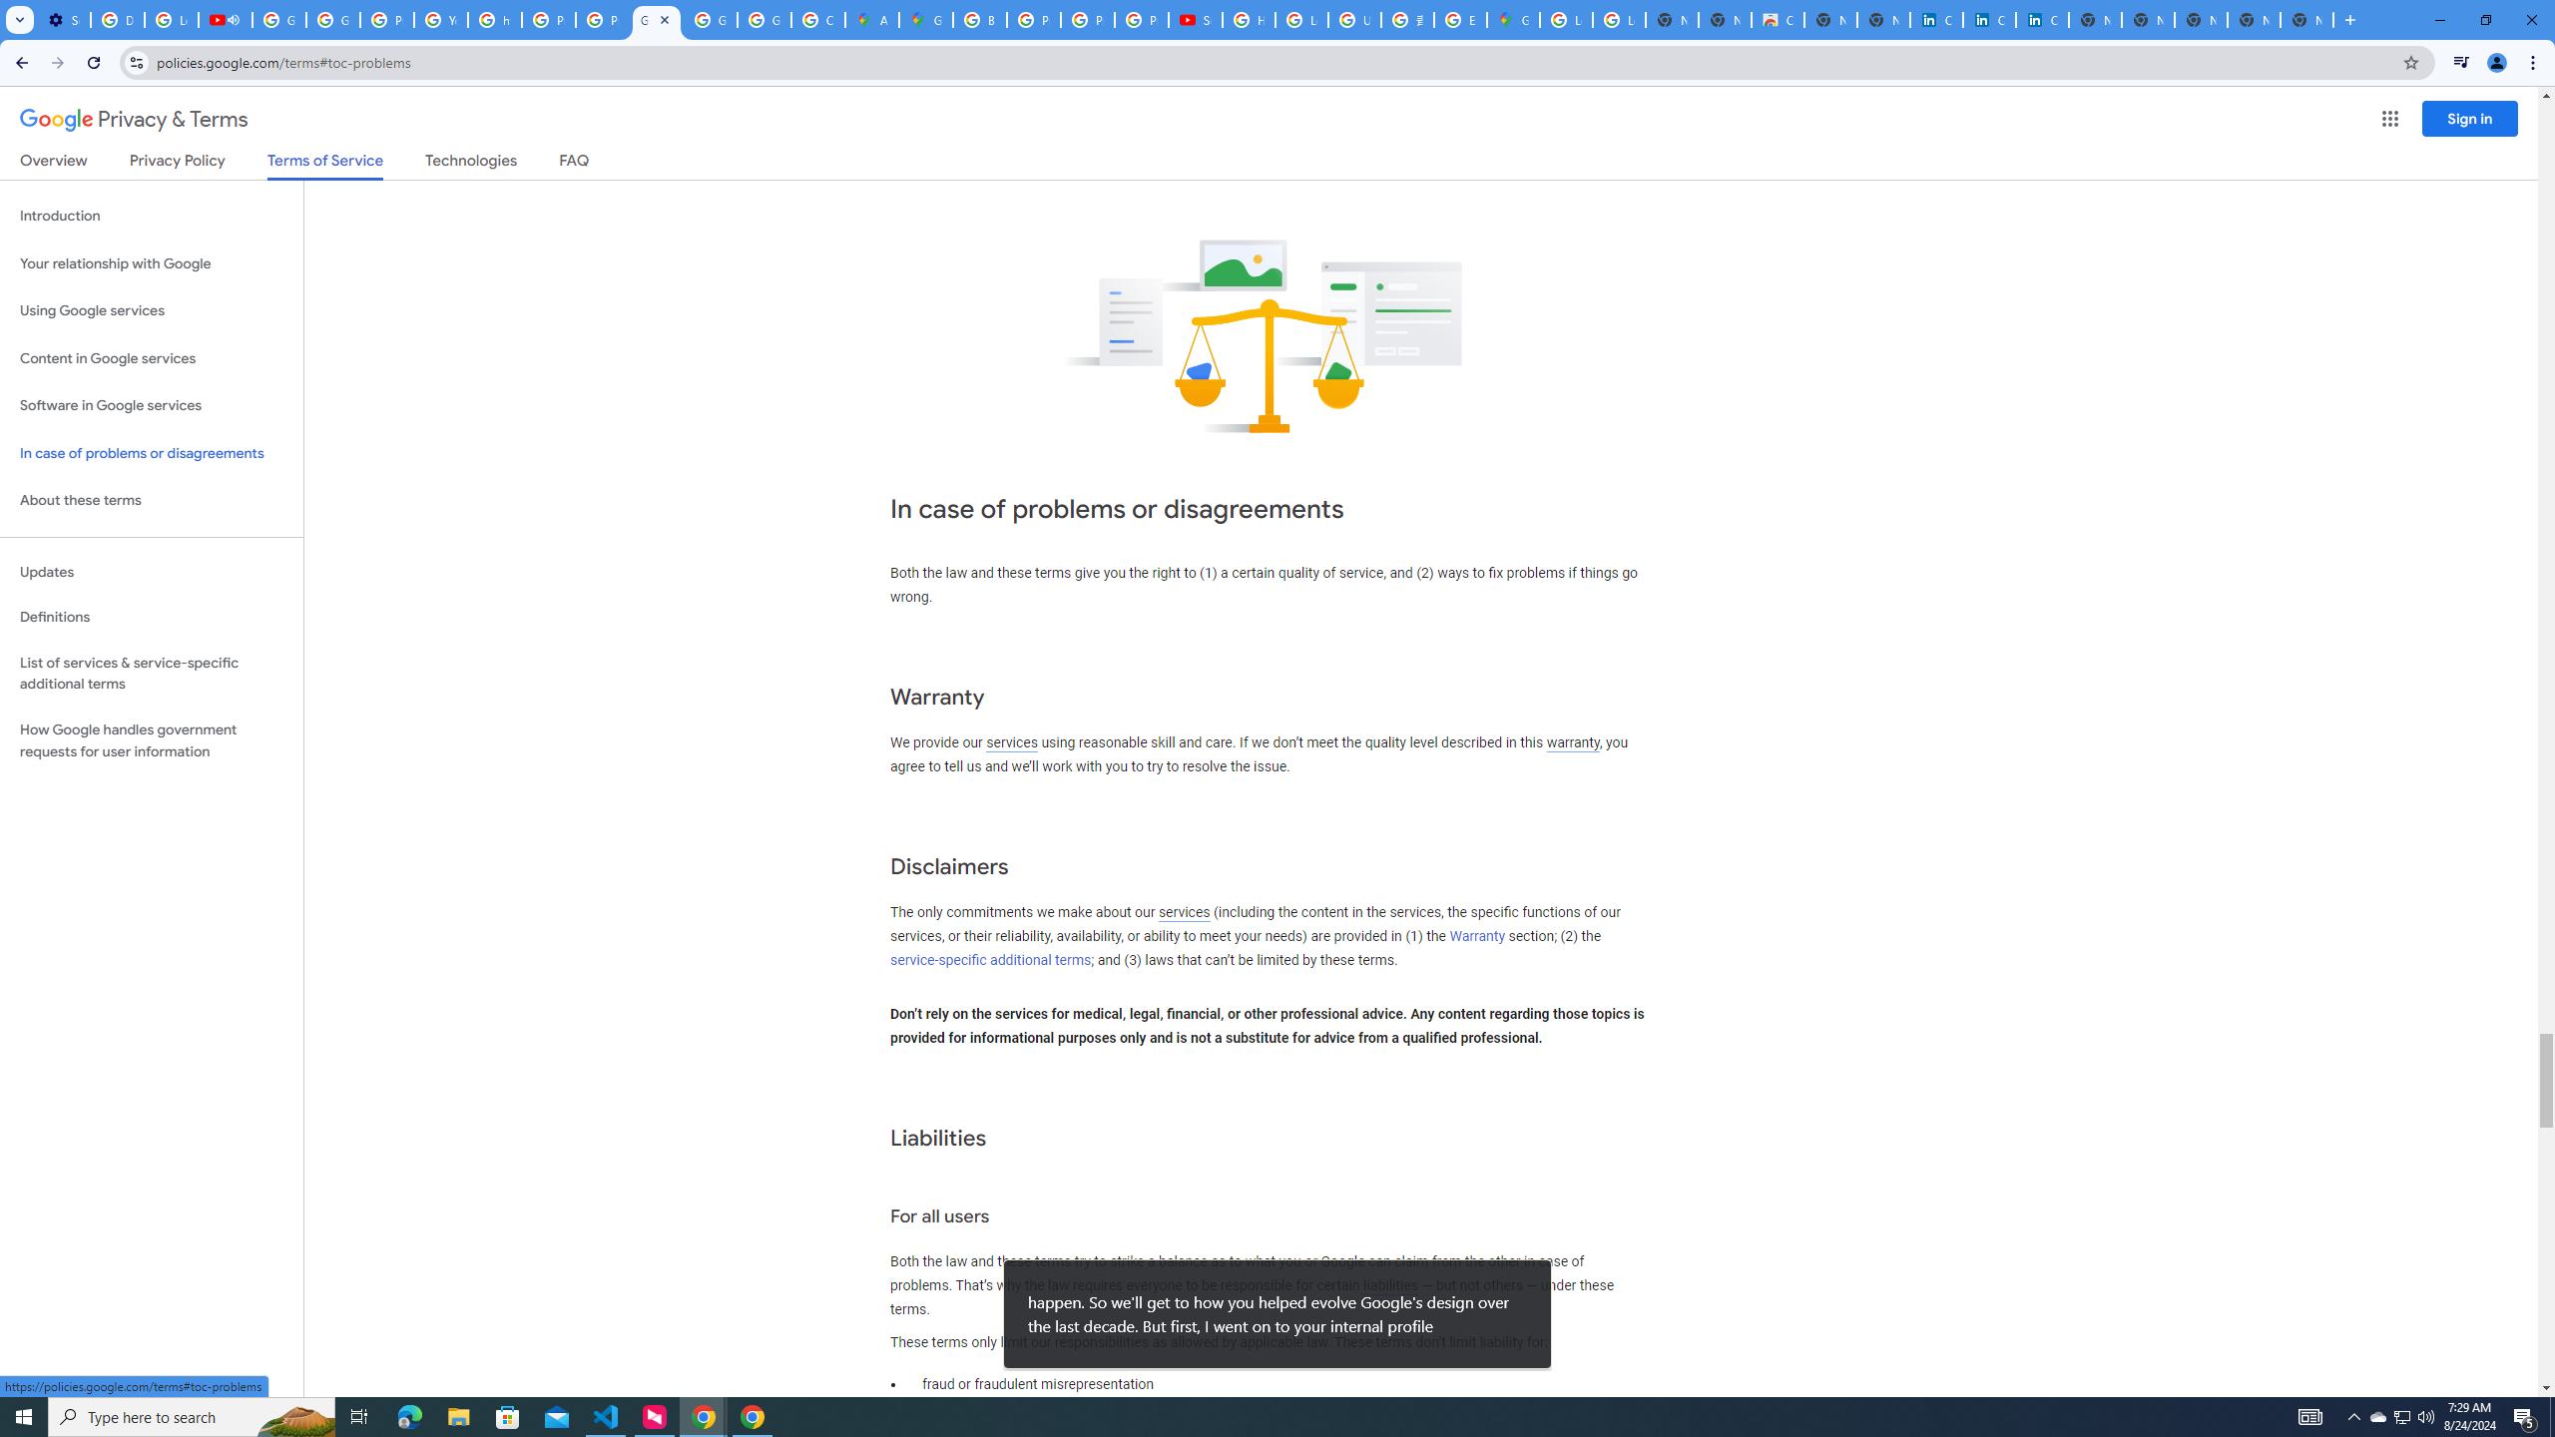  I want to click on 'Cookie Policy | LinkedIn', so click(1936, 19).